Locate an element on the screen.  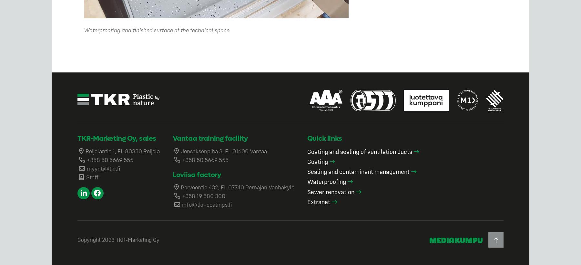
'Waterproofing and finished surface of the technical space' is located at coordinates (156, 29).